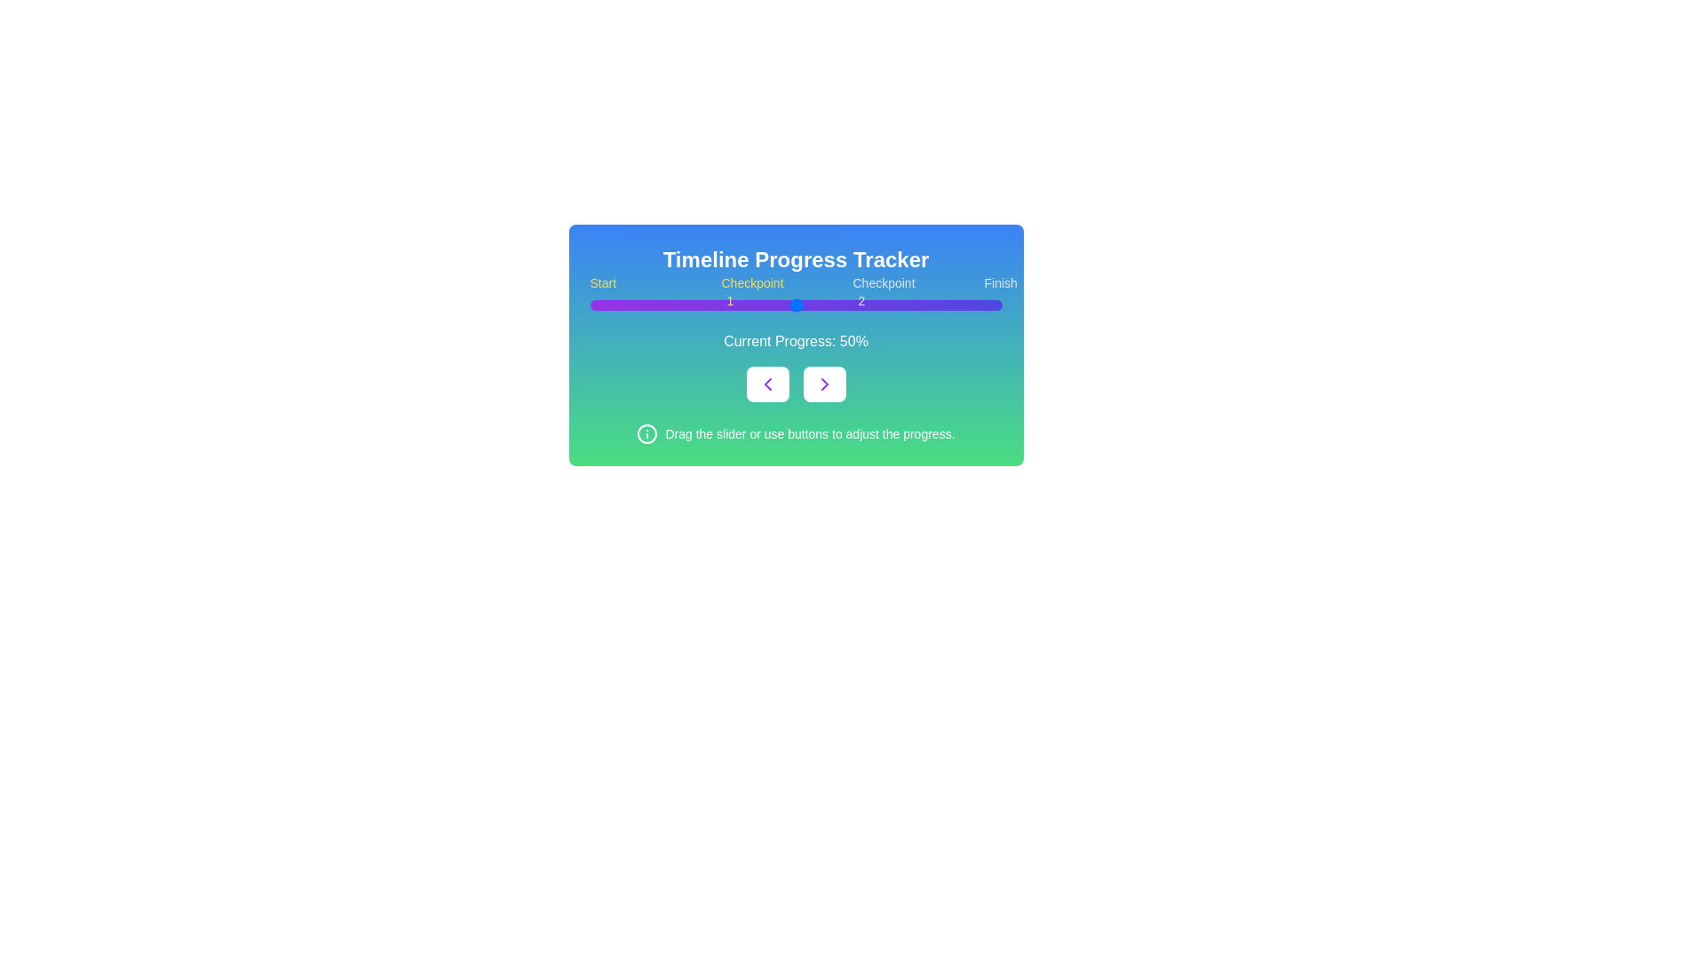 This screenshot has height=959, width=1705. I want to click on the Progress Bar located at the top center of the panel below 'Timeline Progress Tracker', so click(795, 305).